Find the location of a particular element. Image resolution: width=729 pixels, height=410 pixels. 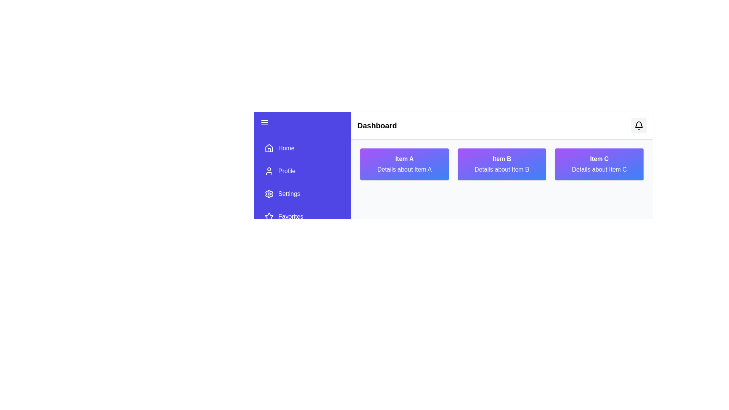

the 'Profile' icon in the vertical navigation menu is located at coordinates (269, 171).